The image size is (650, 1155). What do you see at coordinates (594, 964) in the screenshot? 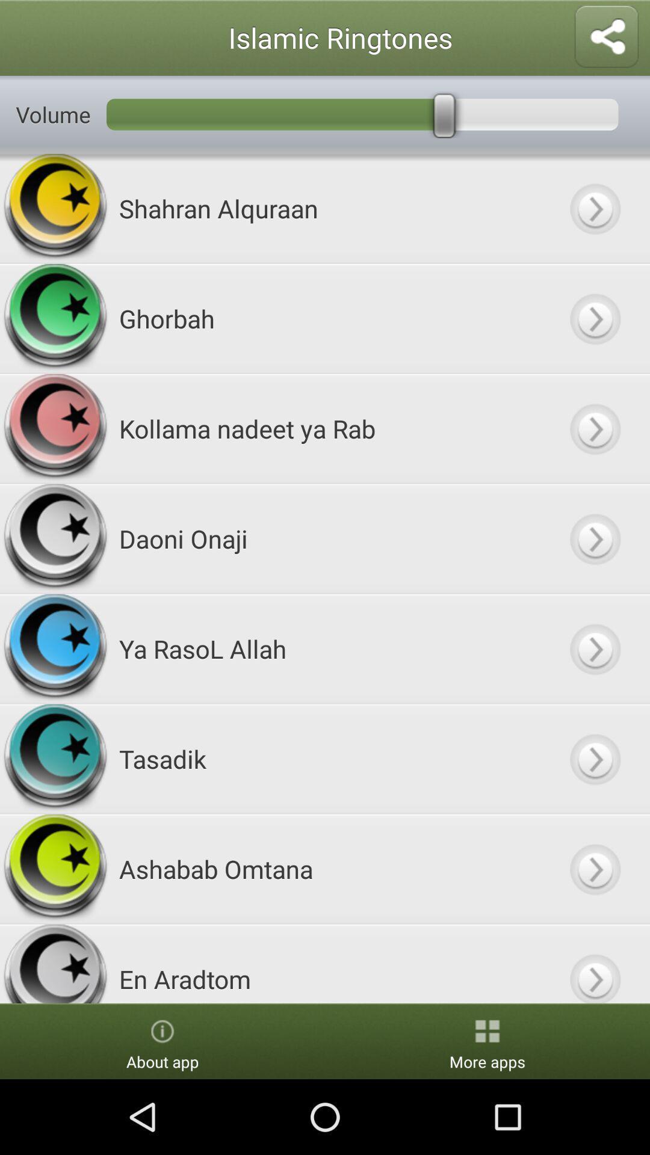
I see `islamic ringtones` at bounding box center [594, 964].